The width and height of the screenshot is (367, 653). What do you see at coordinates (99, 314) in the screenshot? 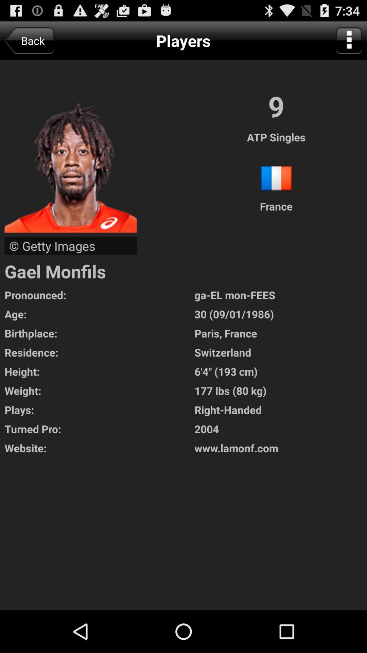
I see `icon to the left of ga el mon app` at bounding box center [99, 314].